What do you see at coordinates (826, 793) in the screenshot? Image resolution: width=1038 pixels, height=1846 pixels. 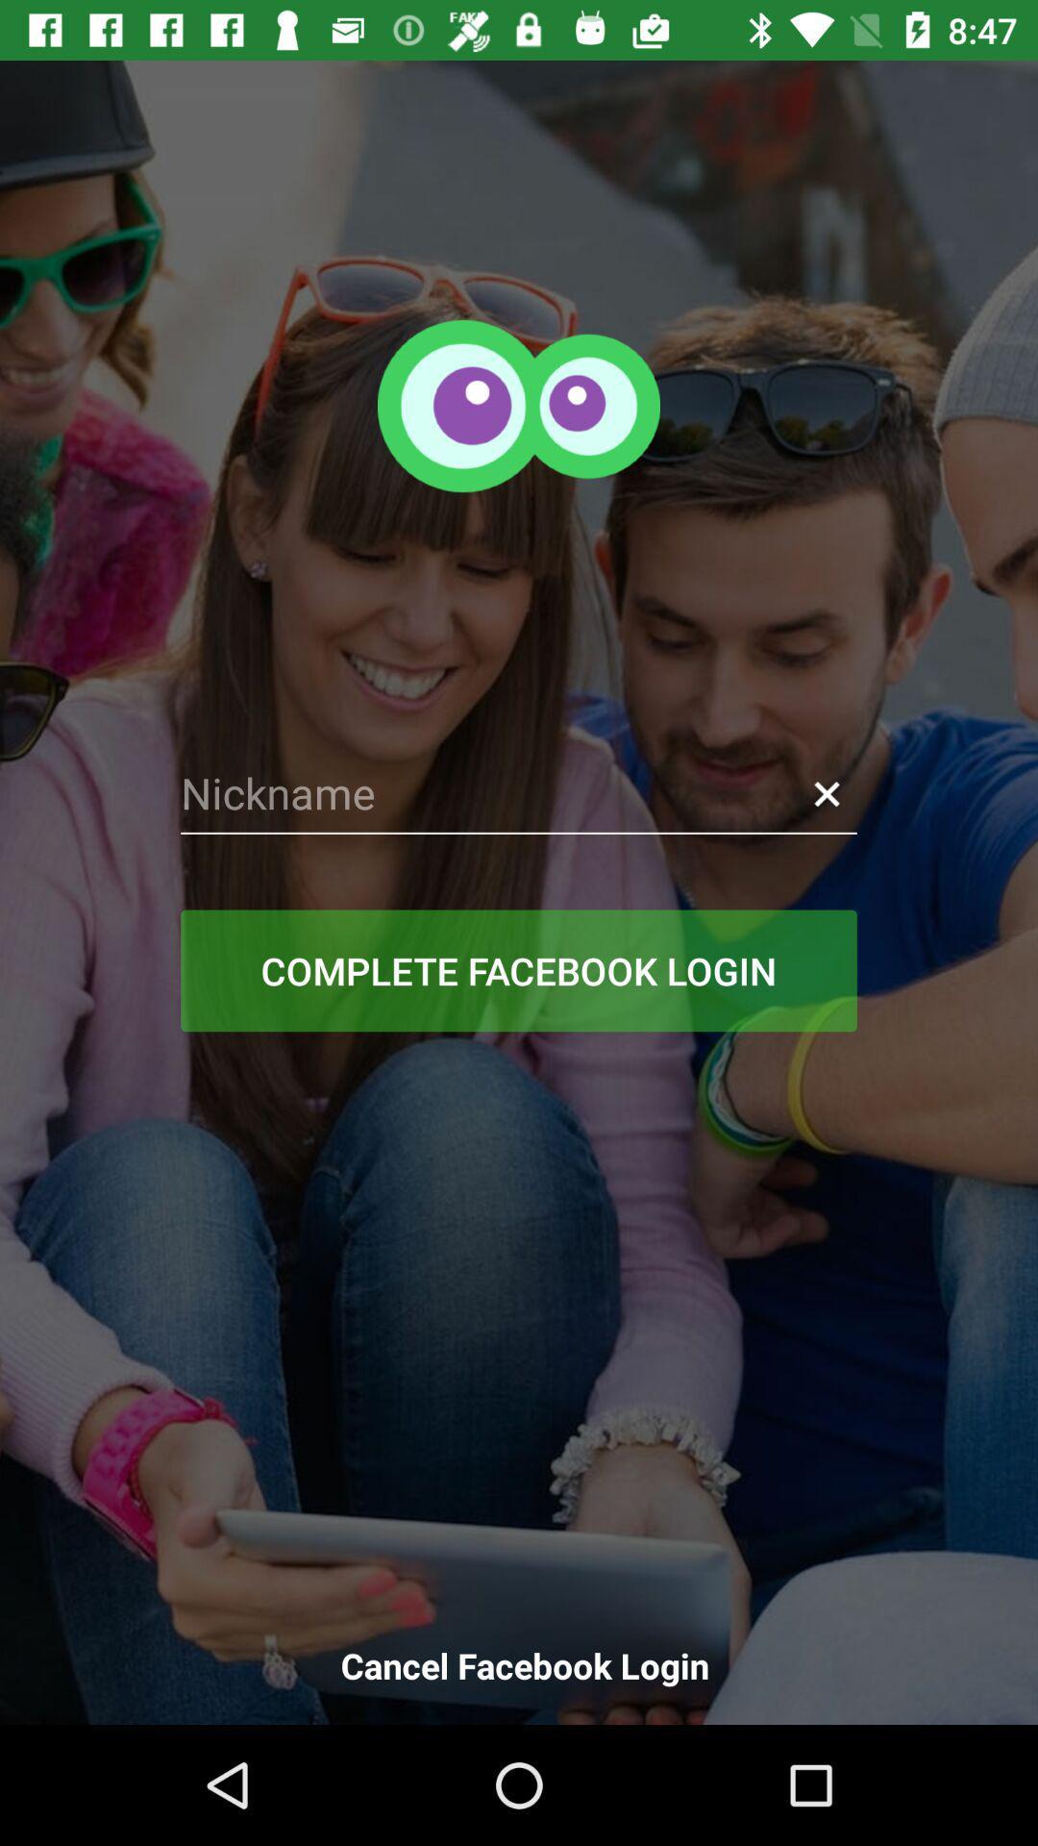 I see `clear nickname textbox` at bounding box center [826, 793].